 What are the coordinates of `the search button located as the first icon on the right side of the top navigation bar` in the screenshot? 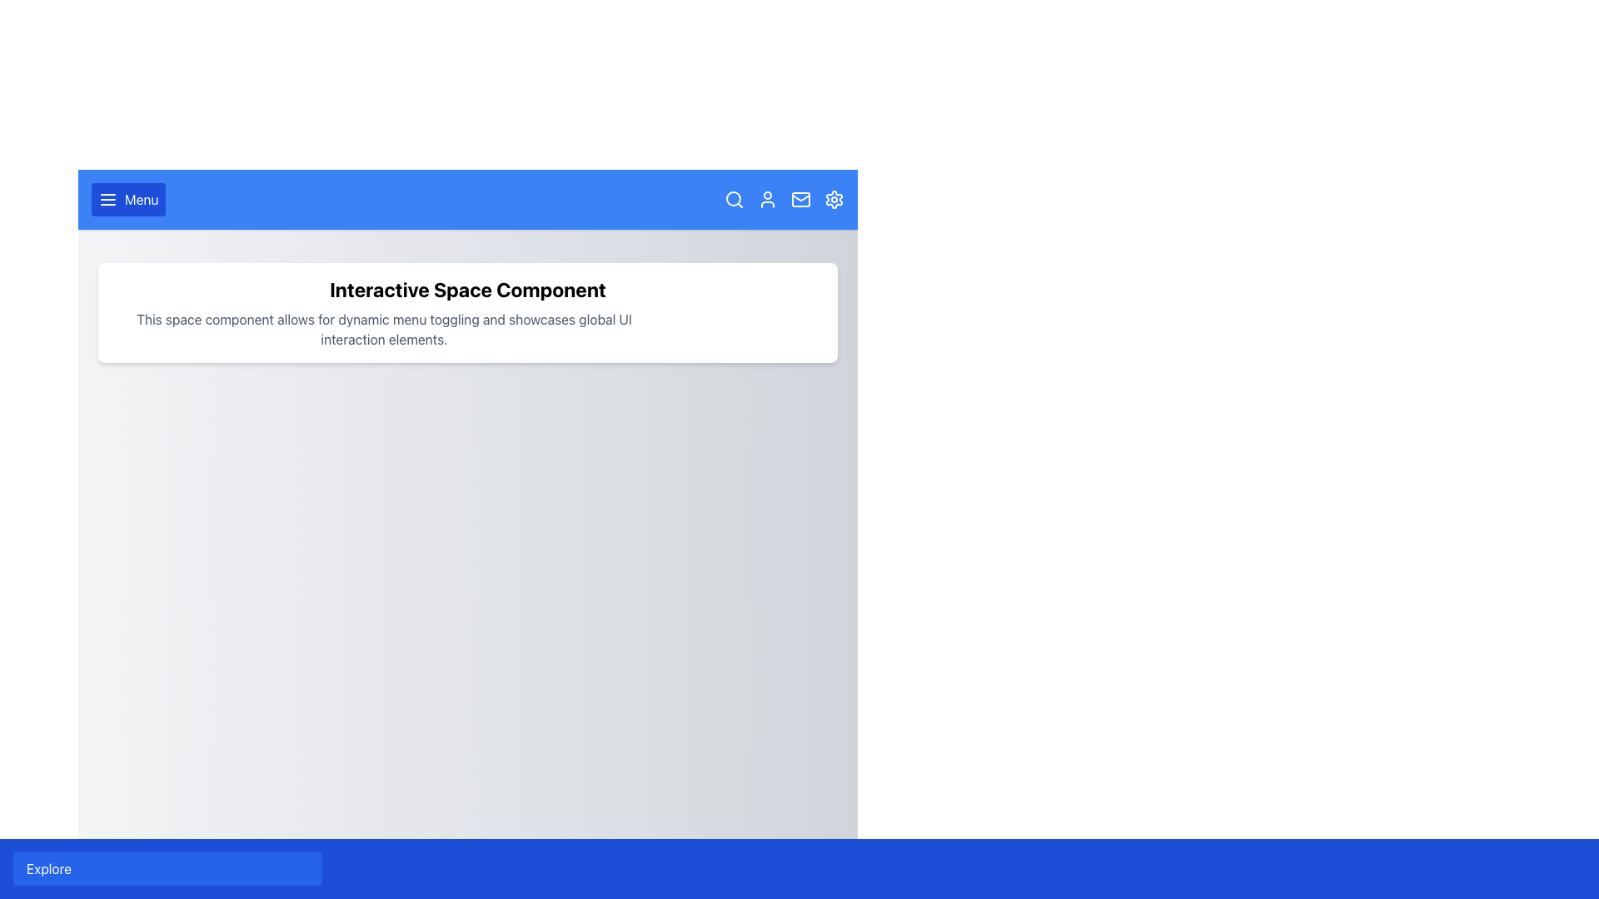 It's located at (734, 198).